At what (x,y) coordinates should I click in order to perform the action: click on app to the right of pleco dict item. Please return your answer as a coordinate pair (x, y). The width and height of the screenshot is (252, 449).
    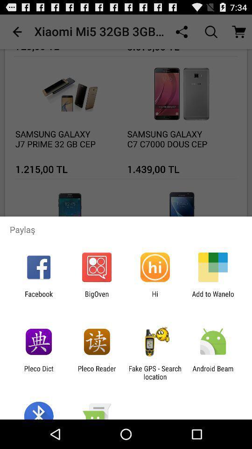
    Looking at the image, I should click on (96, 372).